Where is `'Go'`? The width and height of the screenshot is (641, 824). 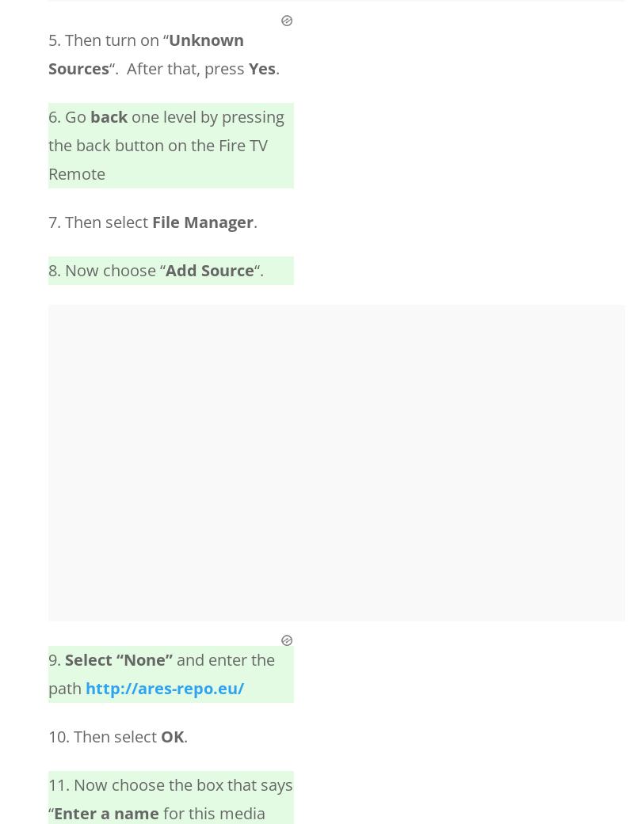 'Go' is located at coordinates (77, 116).